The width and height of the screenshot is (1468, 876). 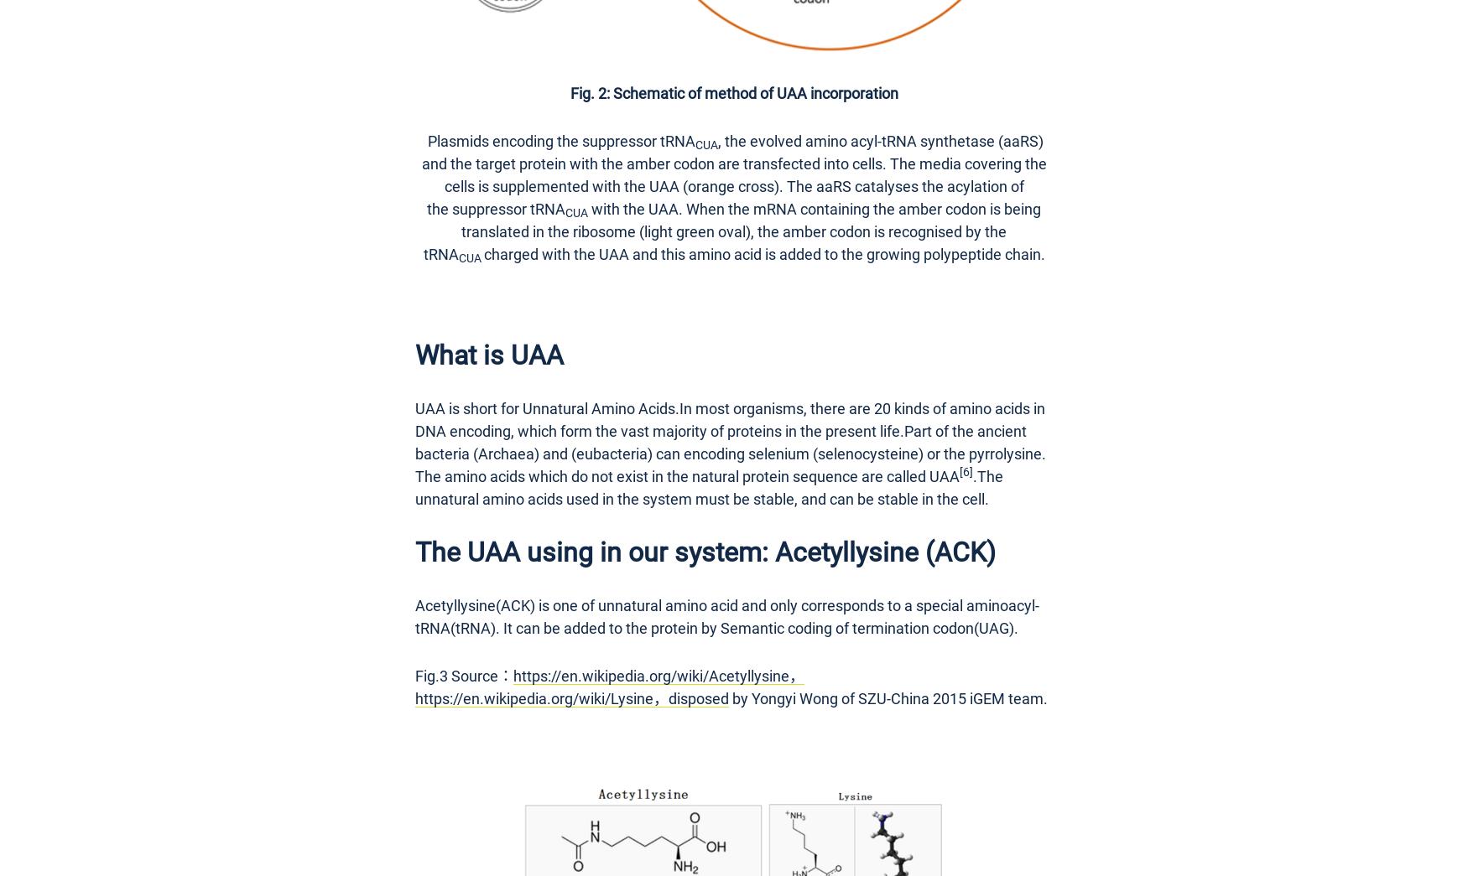 What do you see at coordinates (763, 253) in the screenshot?
I see `'charged with the UAA and this amino acid is added to the growing polypeptide chain.'` at bounding box center [763, 253].